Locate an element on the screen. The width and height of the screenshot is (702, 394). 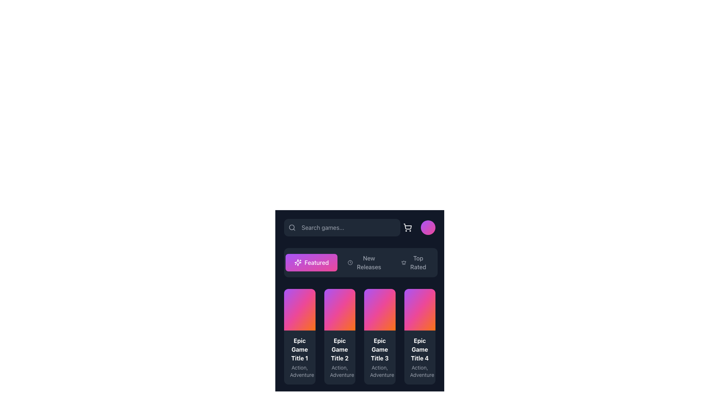
the title or heading of the fourth game card in the 'Featured' section, which is located directly above the genre label 'Action, Adventure' is located at coordinates (420, 349).